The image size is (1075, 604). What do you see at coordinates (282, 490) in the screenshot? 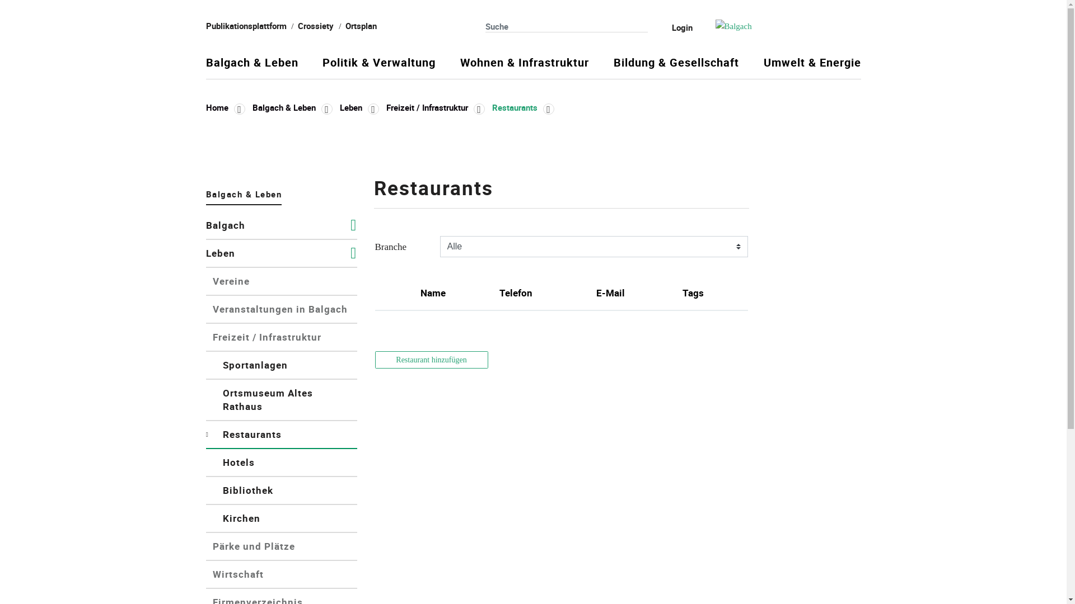
I see `'Bibliothek'` at bounding box center [282, 490].